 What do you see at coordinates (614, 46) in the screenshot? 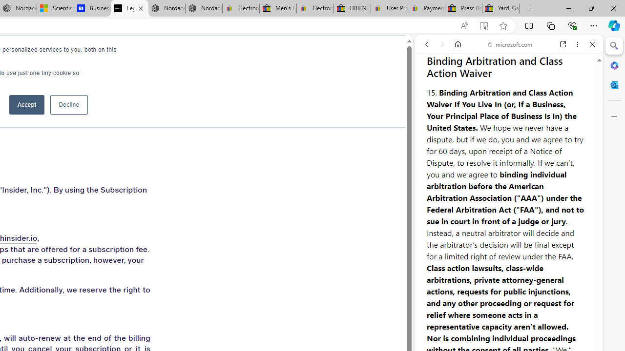
I see `'Minimize Search pane'` at bounding box center [614, 46].